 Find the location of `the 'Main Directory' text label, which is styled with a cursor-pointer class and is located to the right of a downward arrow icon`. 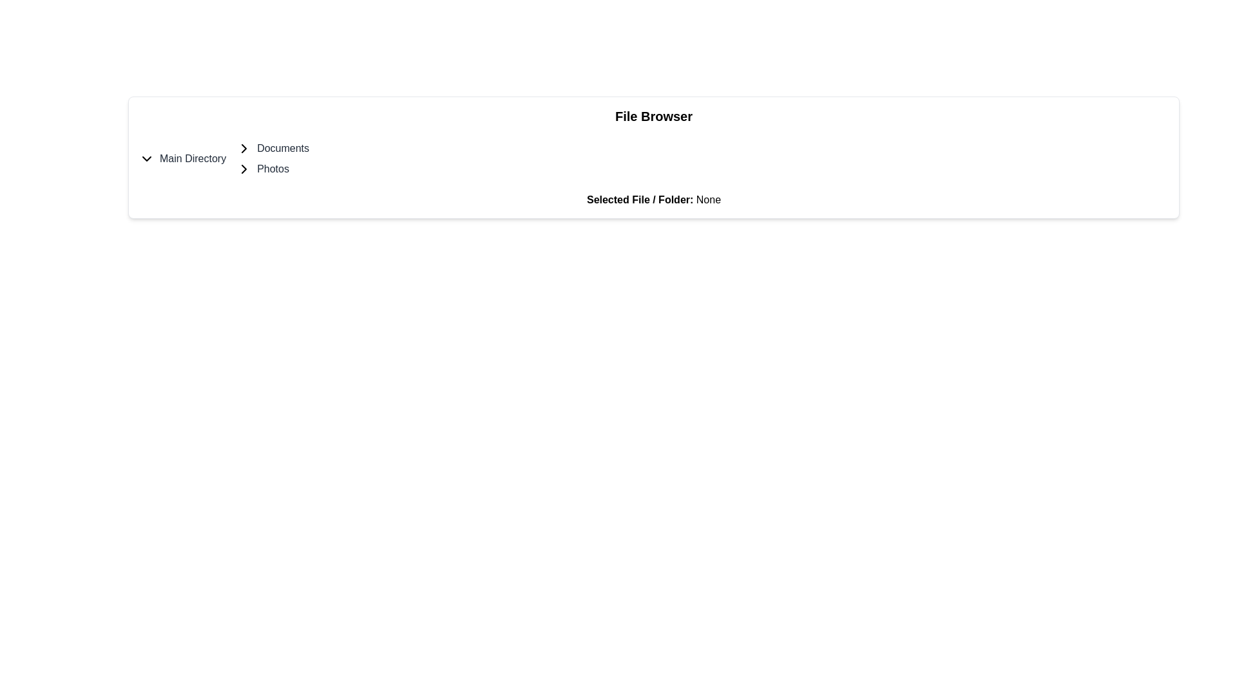

the 'Main Directory' text label, which is styled with a cursor-pointer class and is located to the right of a downward arrow icon is located at coordinates (192, 158).